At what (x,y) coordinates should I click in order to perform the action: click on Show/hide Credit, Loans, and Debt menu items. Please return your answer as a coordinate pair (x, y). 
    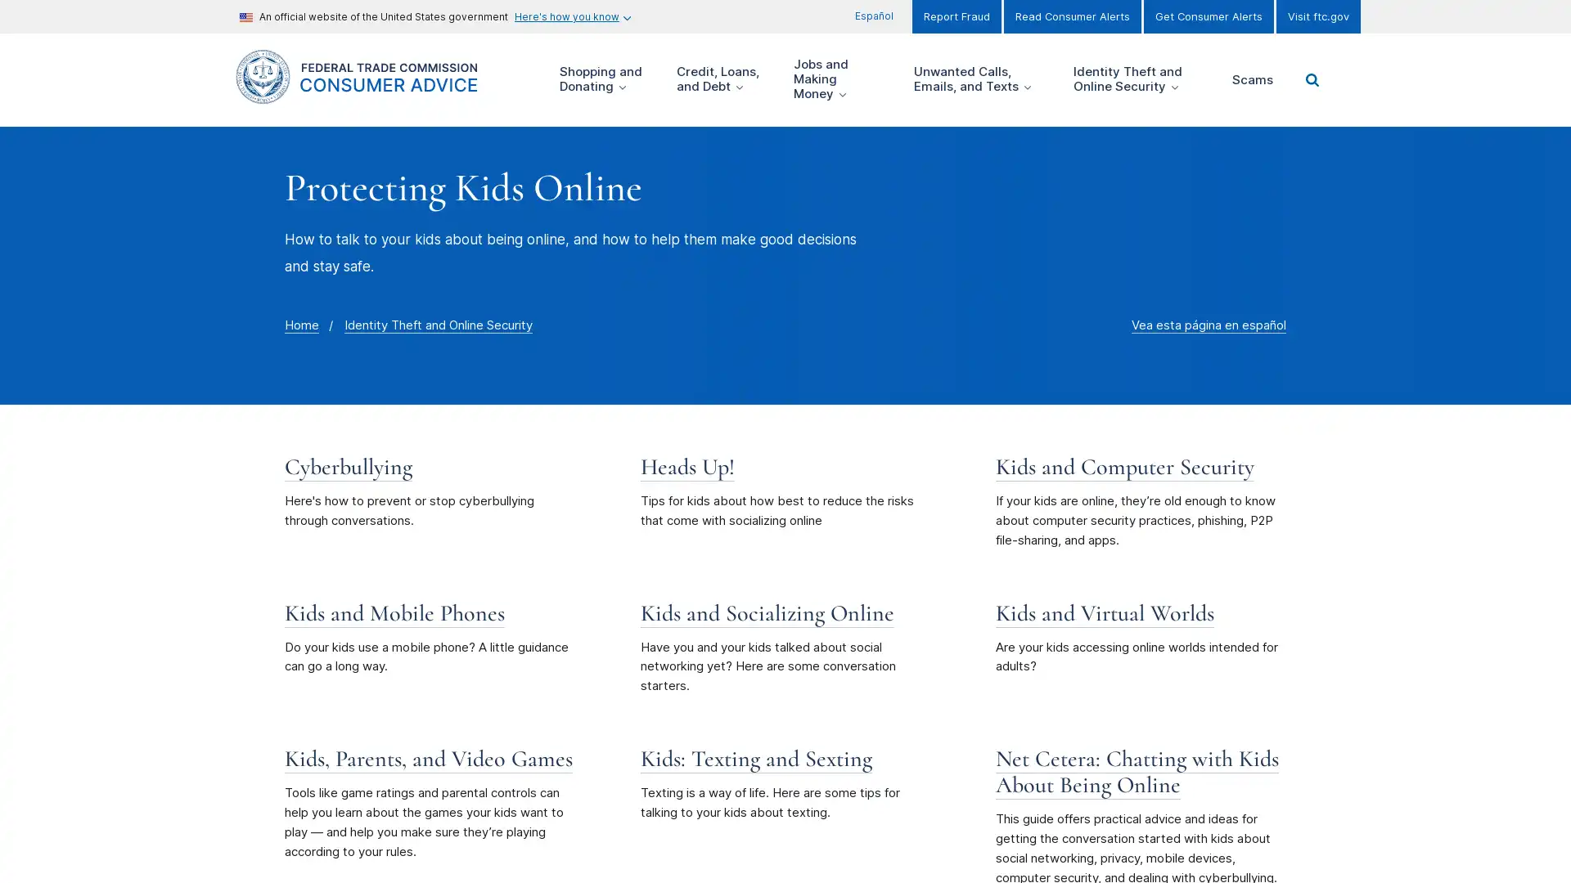
    Looking at the image, I should click on (722, 79).